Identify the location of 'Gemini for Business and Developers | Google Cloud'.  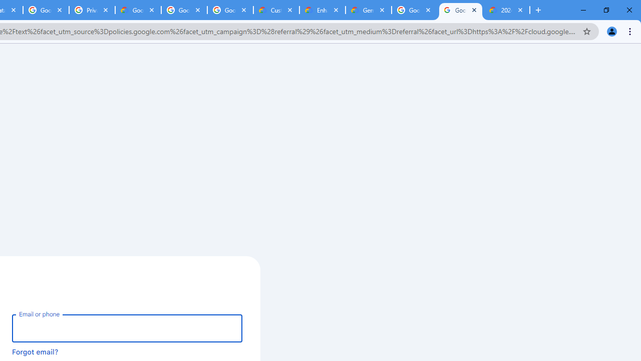
(368, 10).